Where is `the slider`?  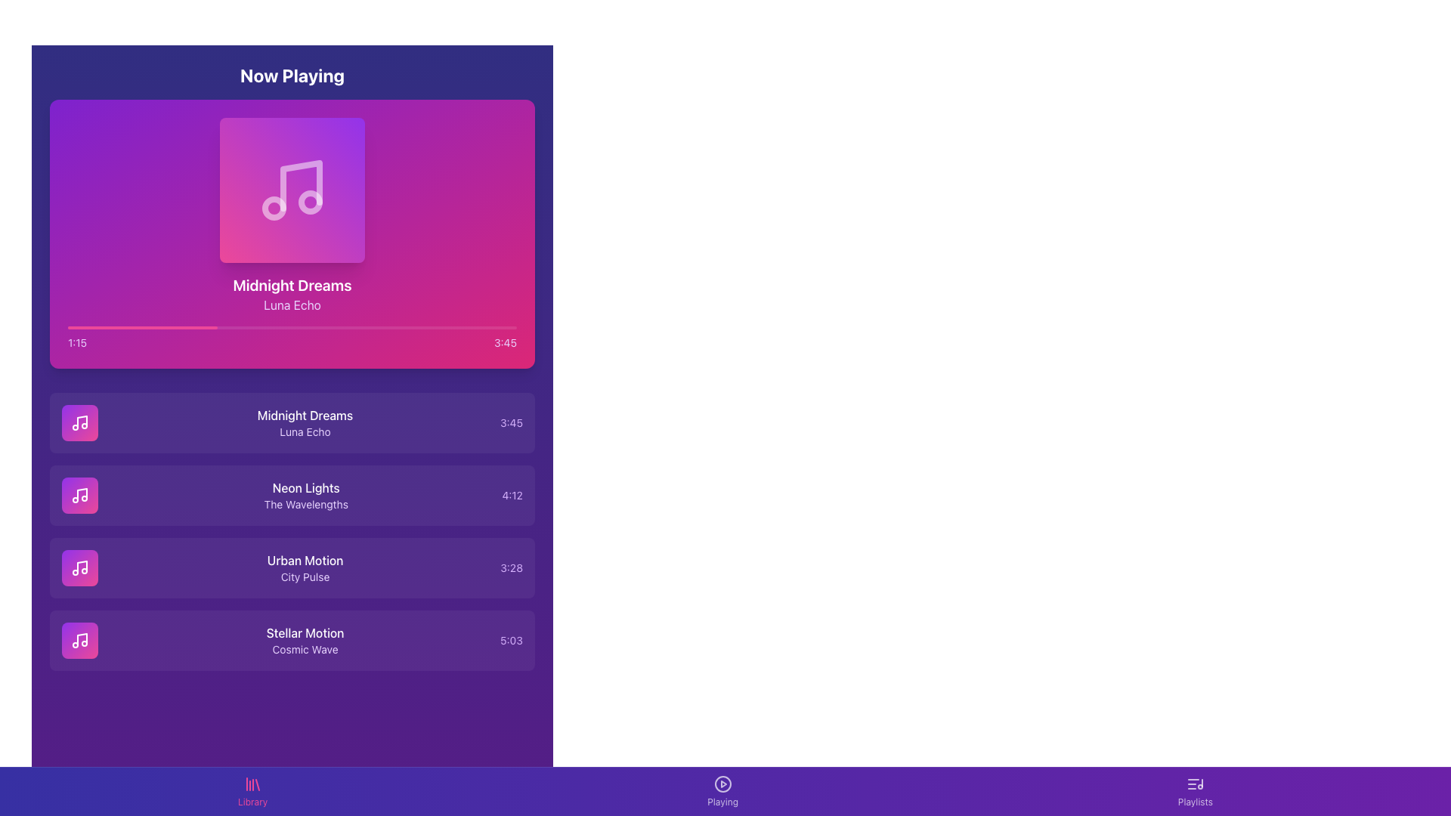 the slider is located at coordinates (206, 327).